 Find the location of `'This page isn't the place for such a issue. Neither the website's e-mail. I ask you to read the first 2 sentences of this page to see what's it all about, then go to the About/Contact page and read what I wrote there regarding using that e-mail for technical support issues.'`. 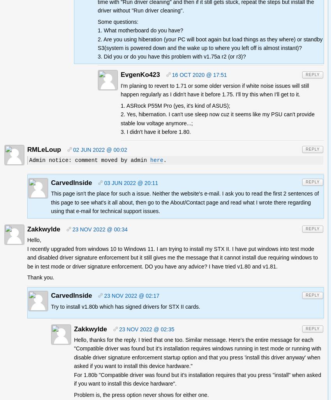

'This page isn't the place for such a issue. Neither the website's e-mail. I ask you to read the first 2 sentences of this page to see what's it all about, then go to the About/Contact page and read what I wrote there regarding using that e-mail for technical support issues.' is located at coordinates (185, 202).